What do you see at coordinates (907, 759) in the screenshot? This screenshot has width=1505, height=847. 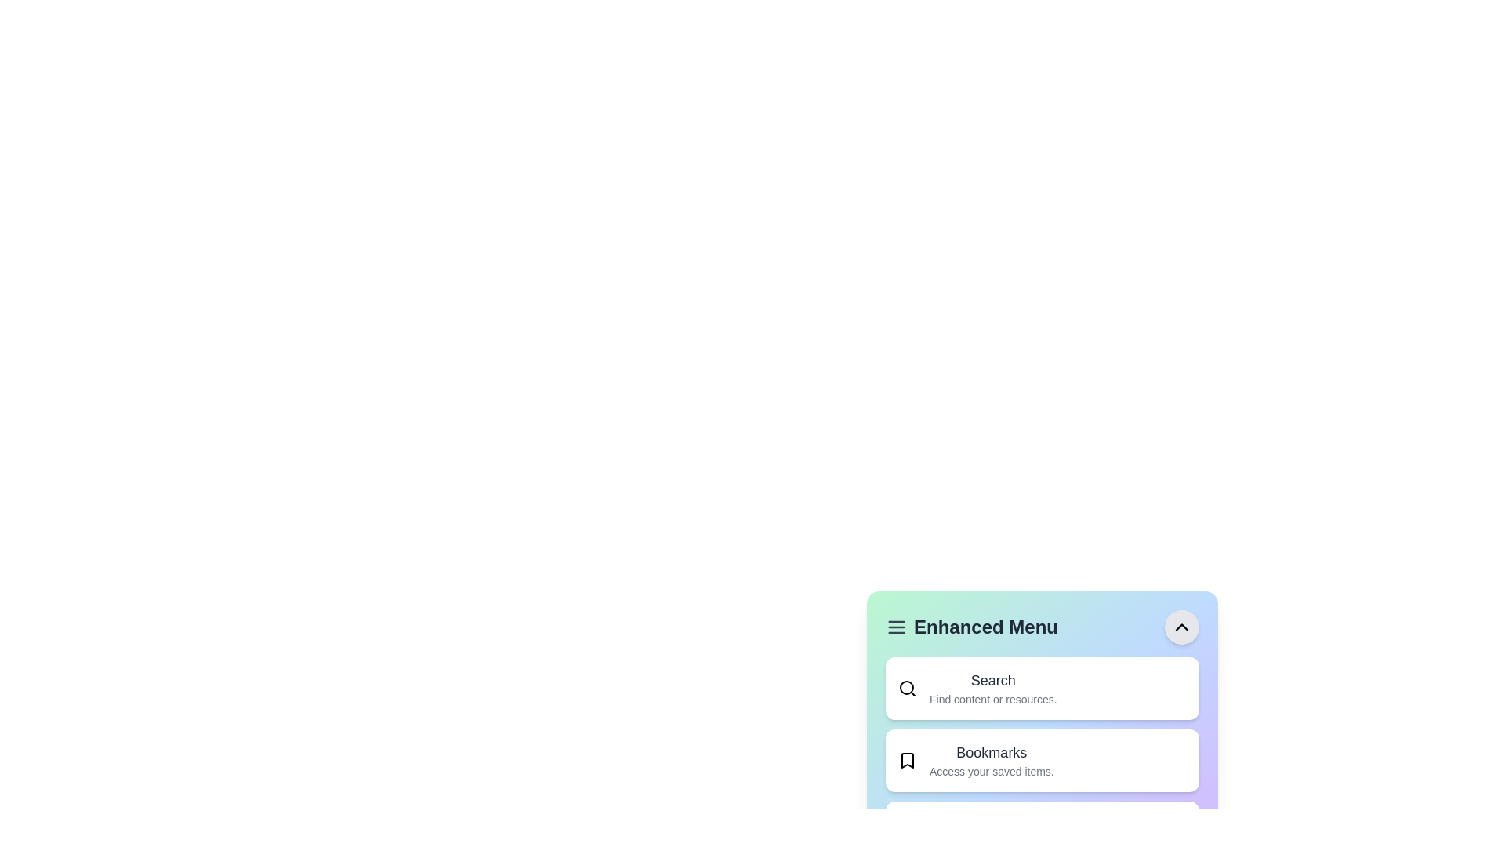 I see `the Bookmarks icon to interact with it` at bounding box center [907, 759].